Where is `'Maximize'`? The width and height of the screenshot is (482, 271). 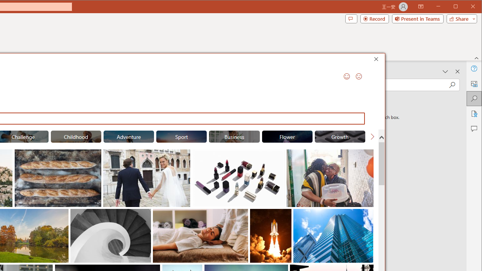
'Maximize' is located at coordinates (466, 7).